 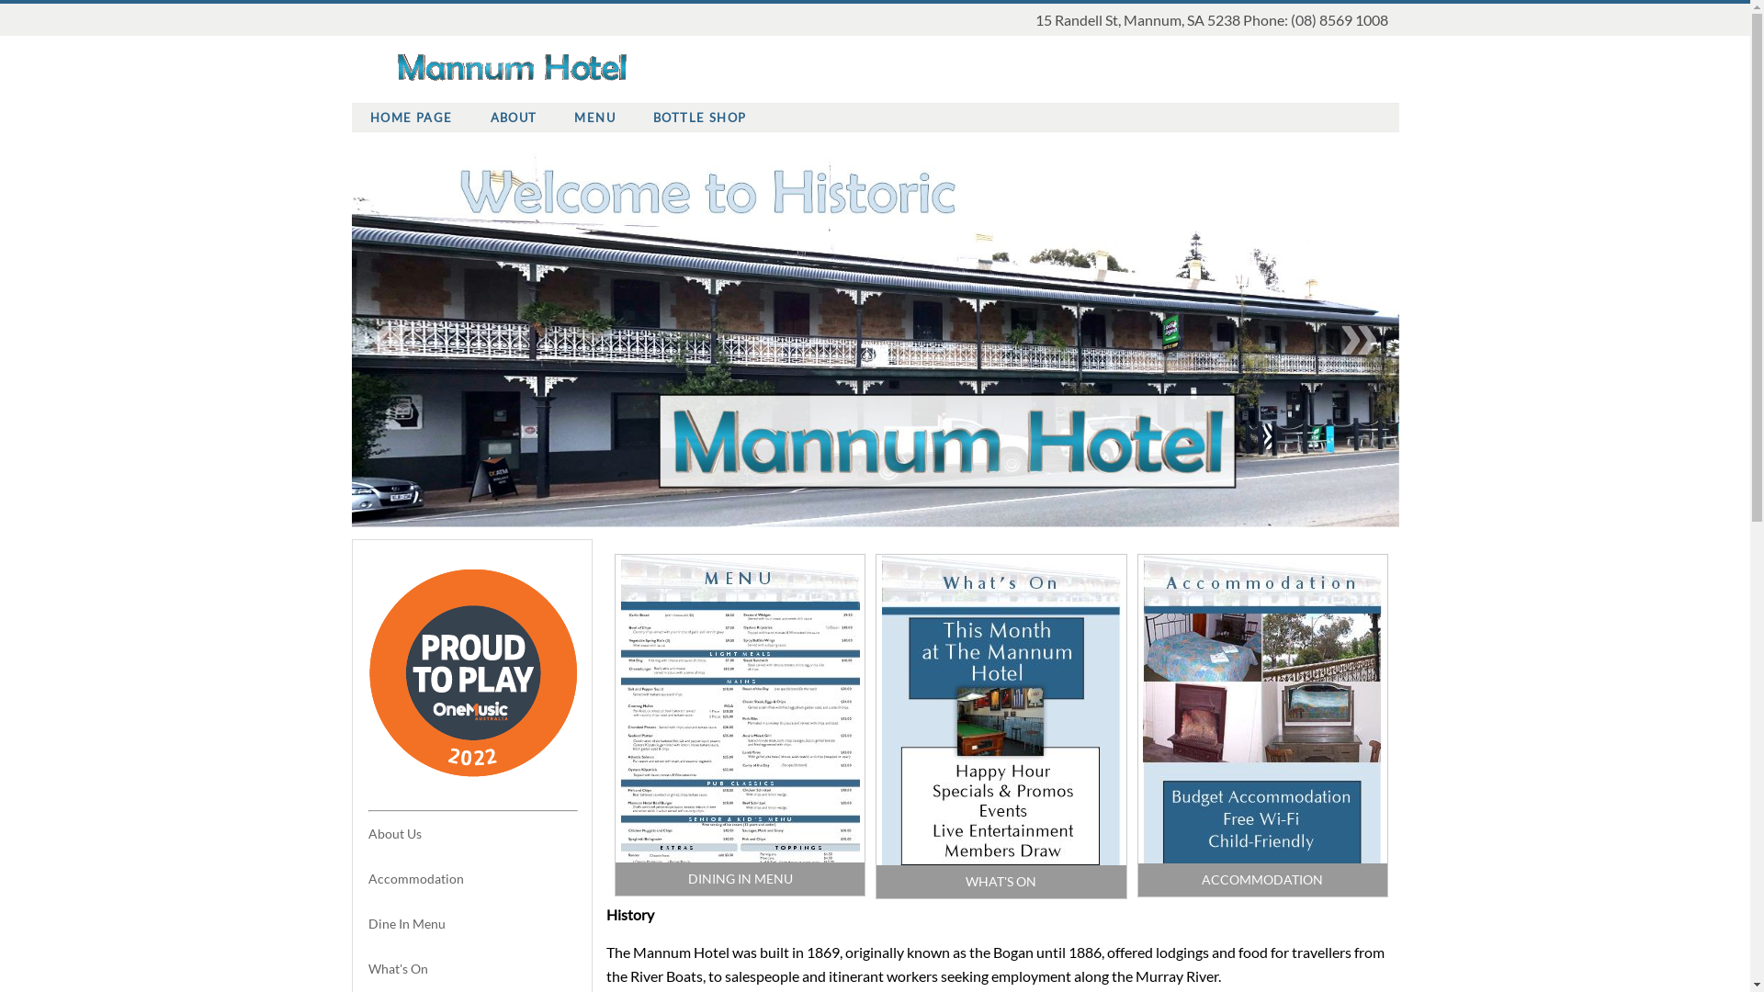 I want to click on 'BOTTLE SHOP', so click(x=699, y=117).